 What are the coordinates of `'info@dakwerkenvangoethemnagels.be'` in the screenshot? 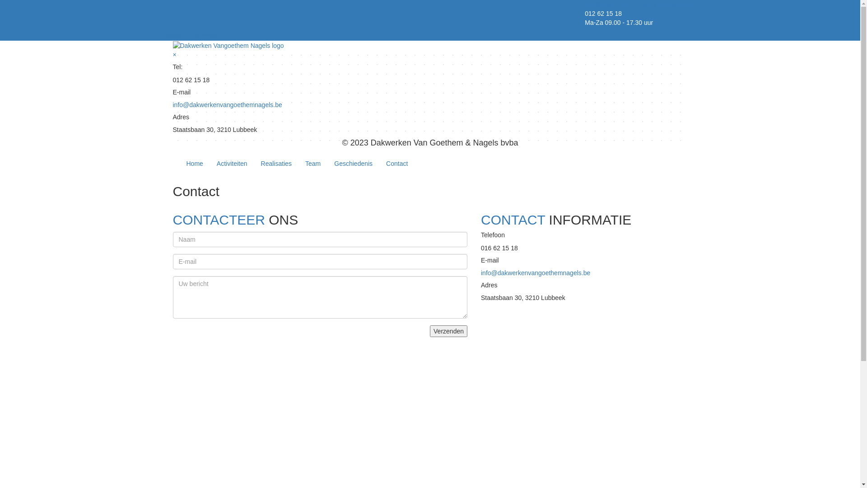 It's located at (227, 104).